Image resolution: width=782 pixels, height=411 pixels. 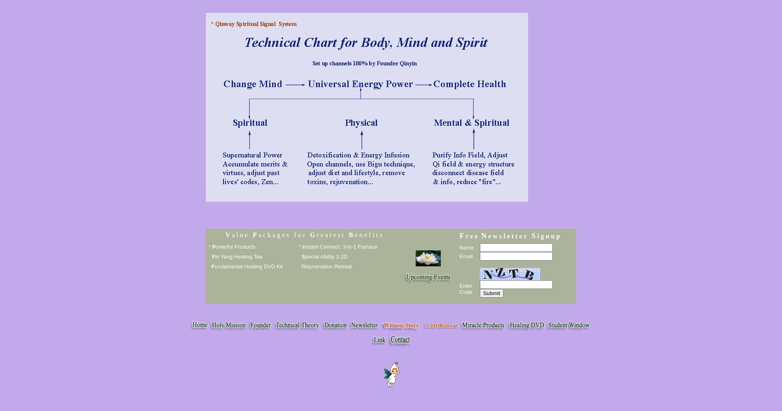 I want to click on 'e n e f i t s', so click(x=367, y=234).